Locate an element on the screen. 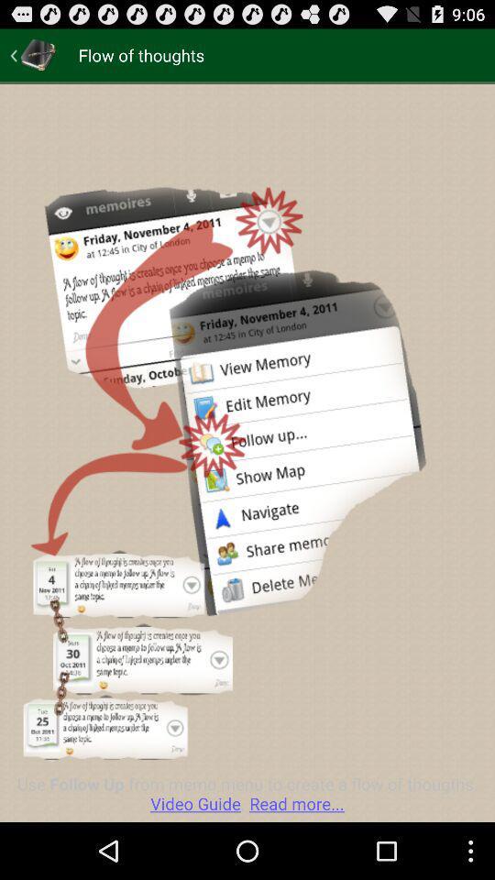 Image resolution: width=495 pixels, height=880 pixels. icon at the bottom is located at coordinates (247, 793).